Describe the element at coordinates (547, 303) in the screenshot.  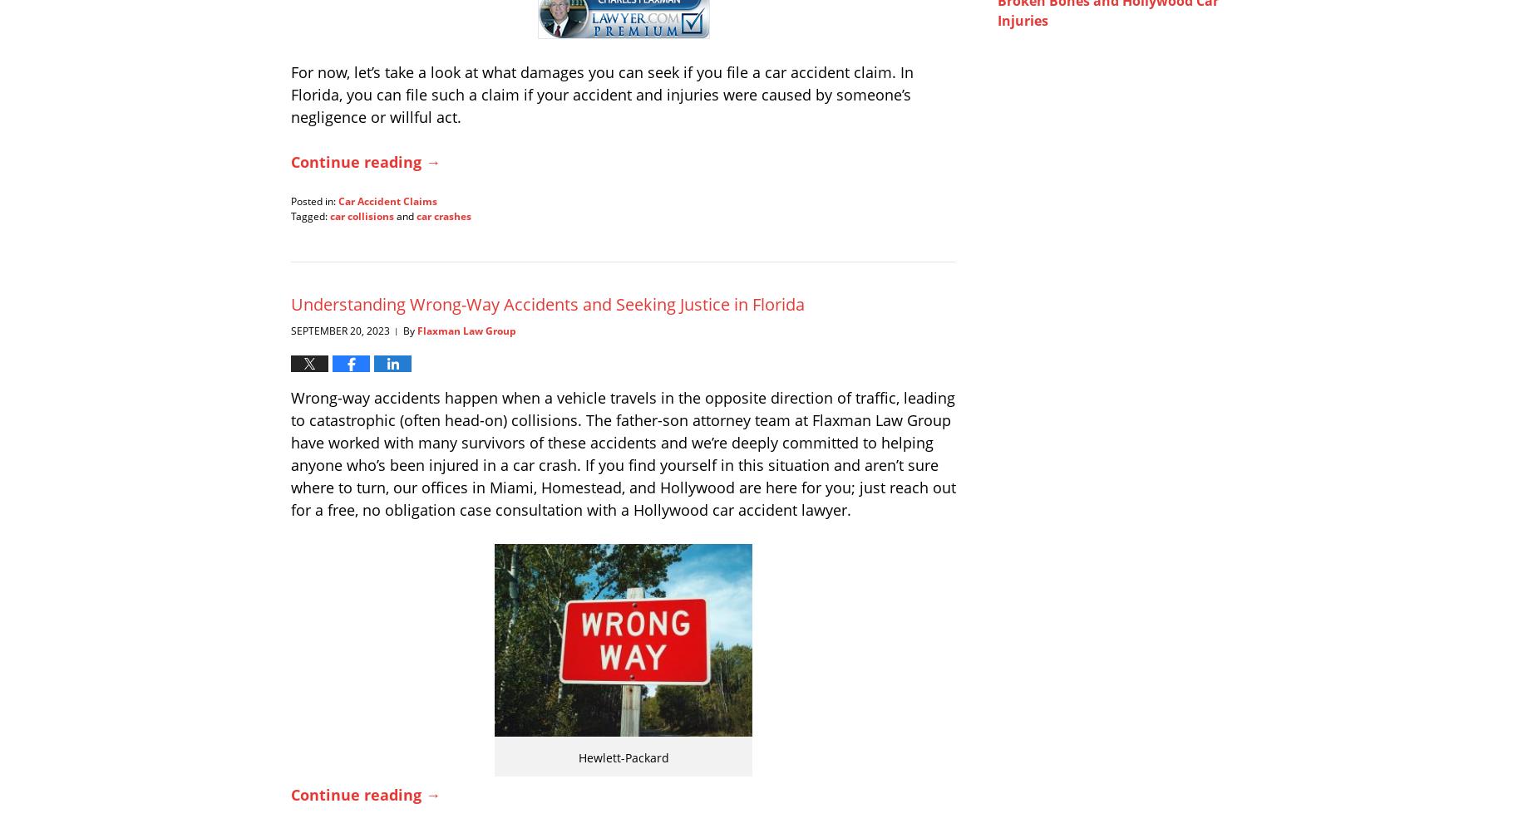
I see `'Understanding Wrong-Way Accidents and Seeking Justice in Florida'` at that location.